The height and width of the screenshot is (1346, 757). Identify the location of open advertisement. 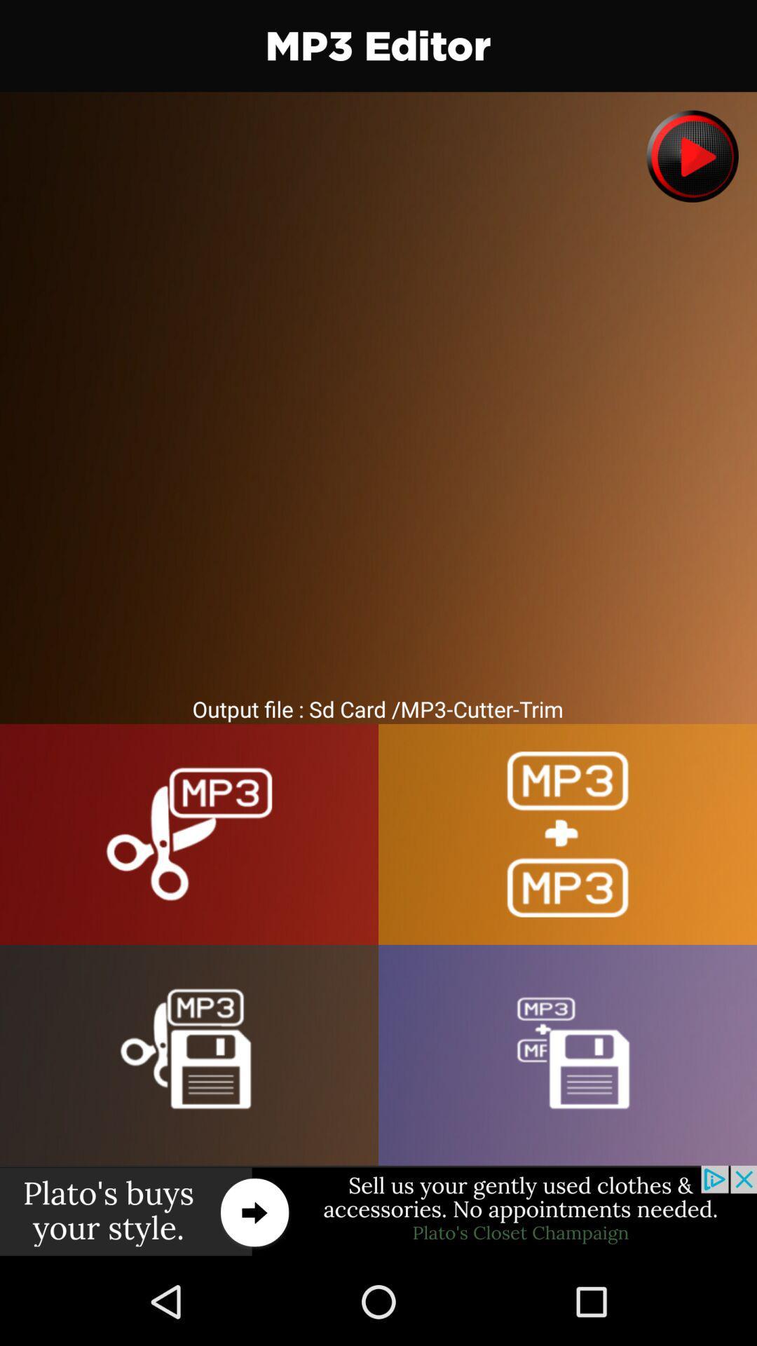
(378, 1211).